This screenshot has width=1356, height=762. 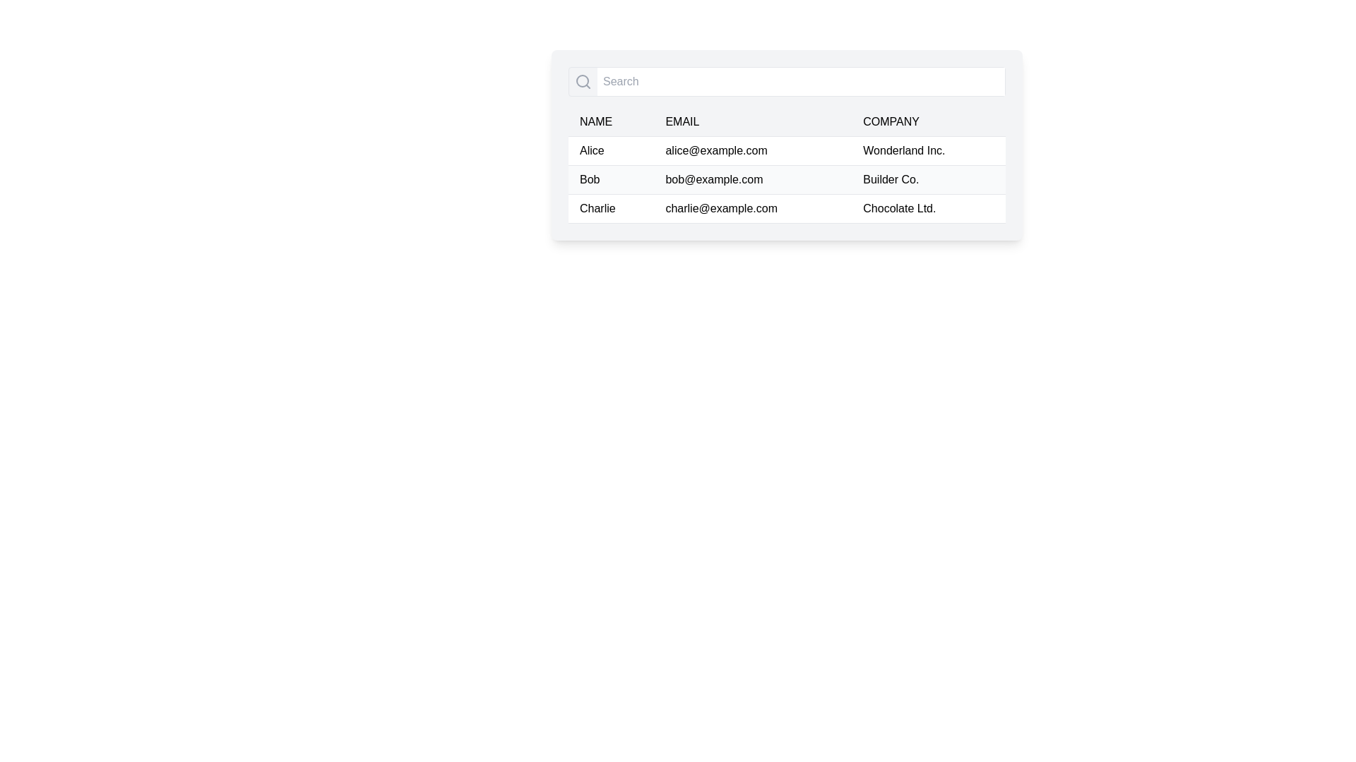 What do you see at coordinates (611, 209) in the screenshot?
I see `the text label displaying 'Charlie', which is located in the first column of the third row of a table, styled with padding and a bottom border` at bounding box center [611, 209].